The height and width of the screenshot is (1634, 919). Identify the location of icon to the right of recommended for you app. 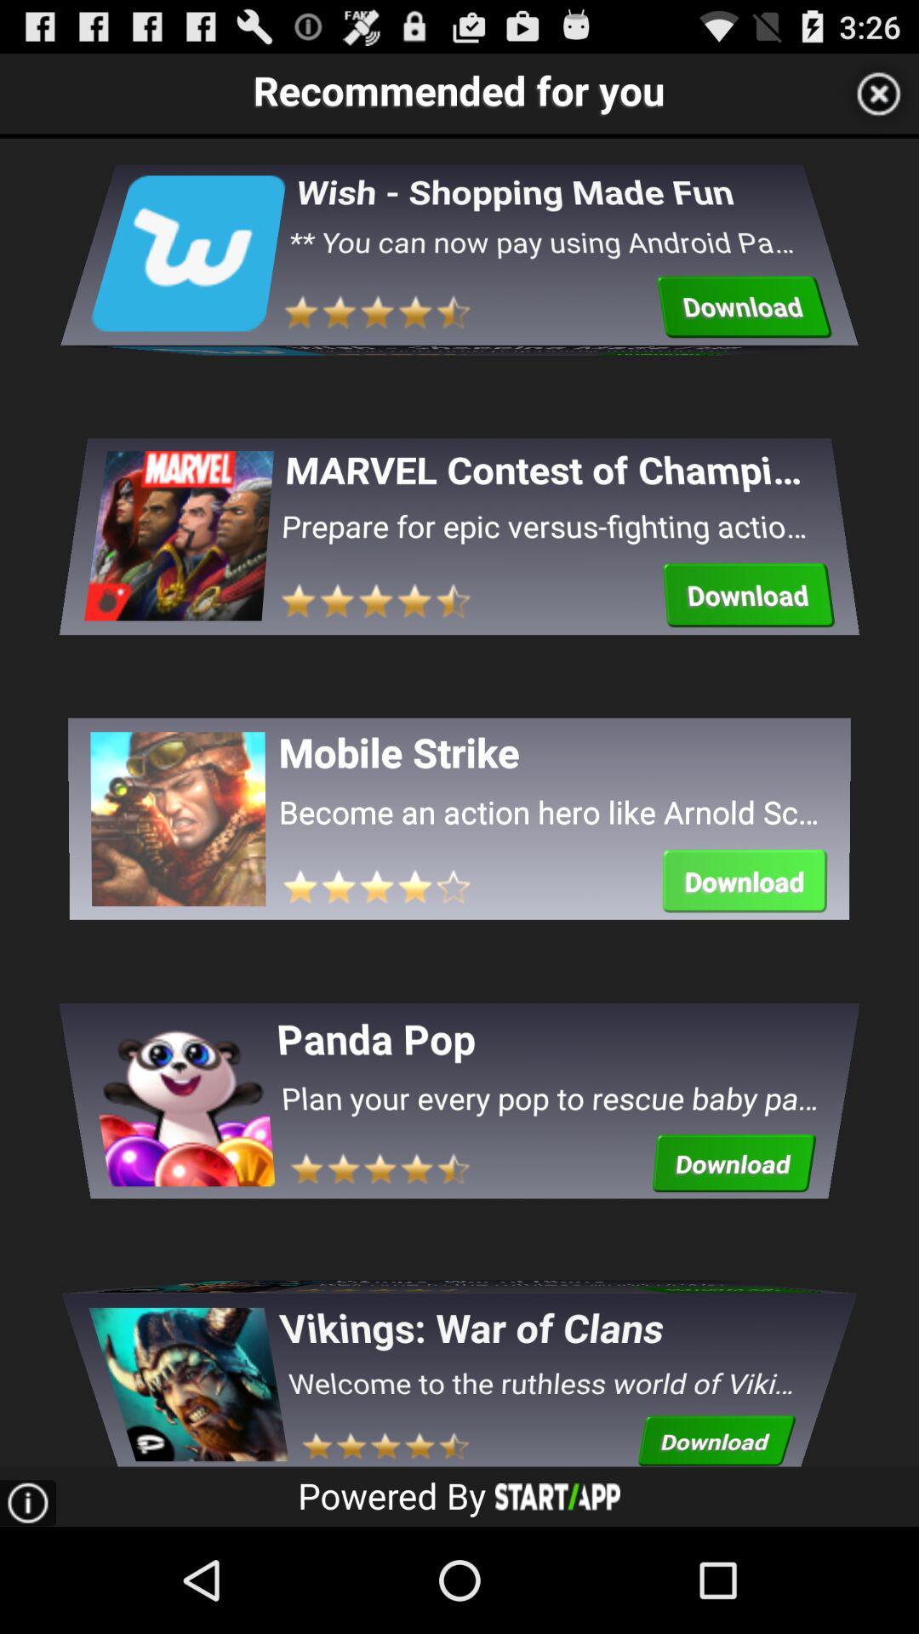
(878, 93).